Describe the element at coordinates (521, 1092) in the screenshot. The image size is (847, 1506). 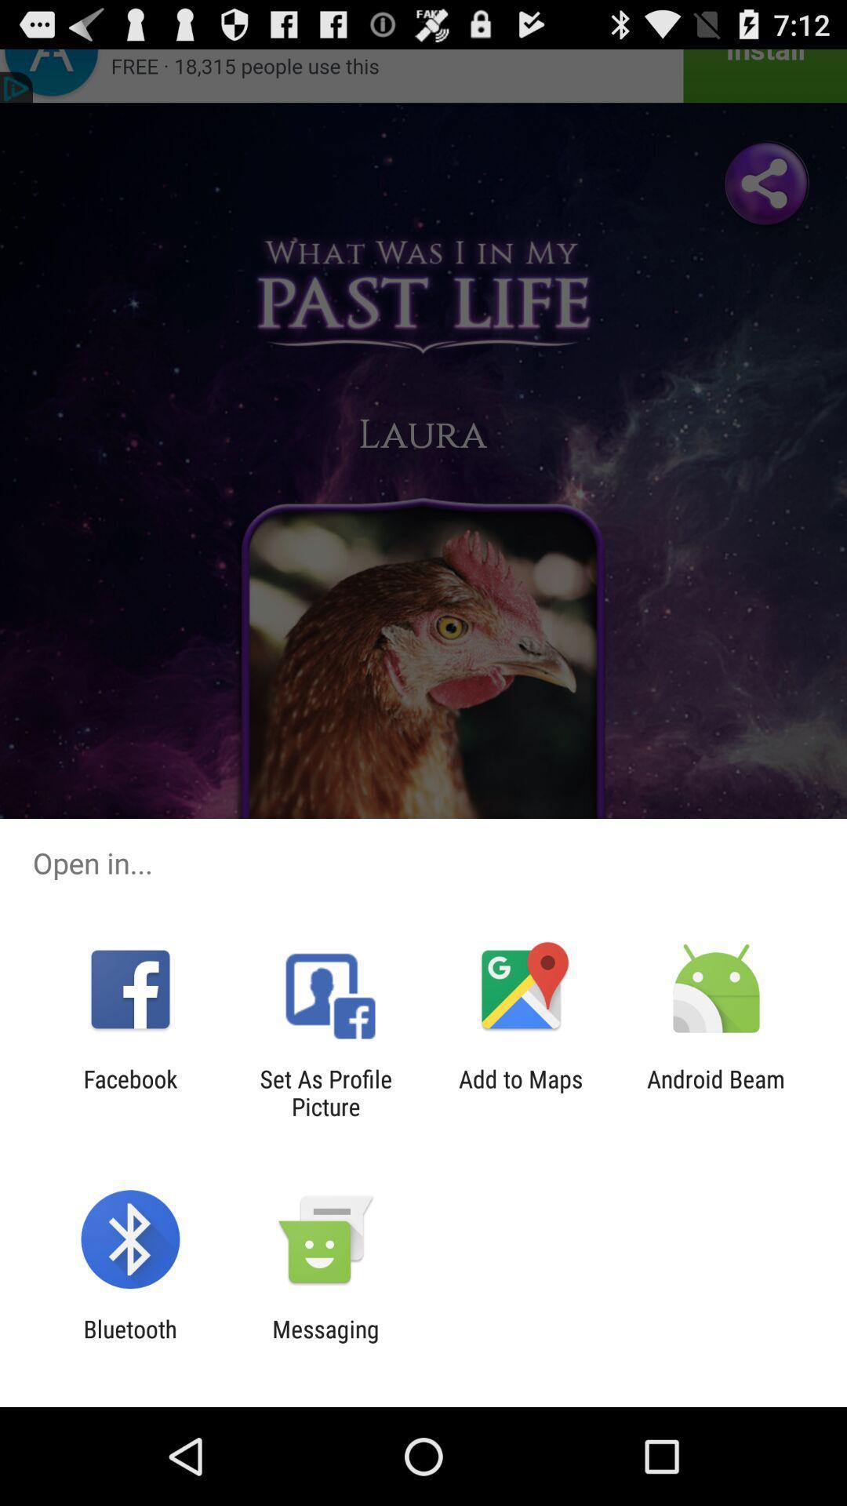
I see `icon next to android beam app` at that location.